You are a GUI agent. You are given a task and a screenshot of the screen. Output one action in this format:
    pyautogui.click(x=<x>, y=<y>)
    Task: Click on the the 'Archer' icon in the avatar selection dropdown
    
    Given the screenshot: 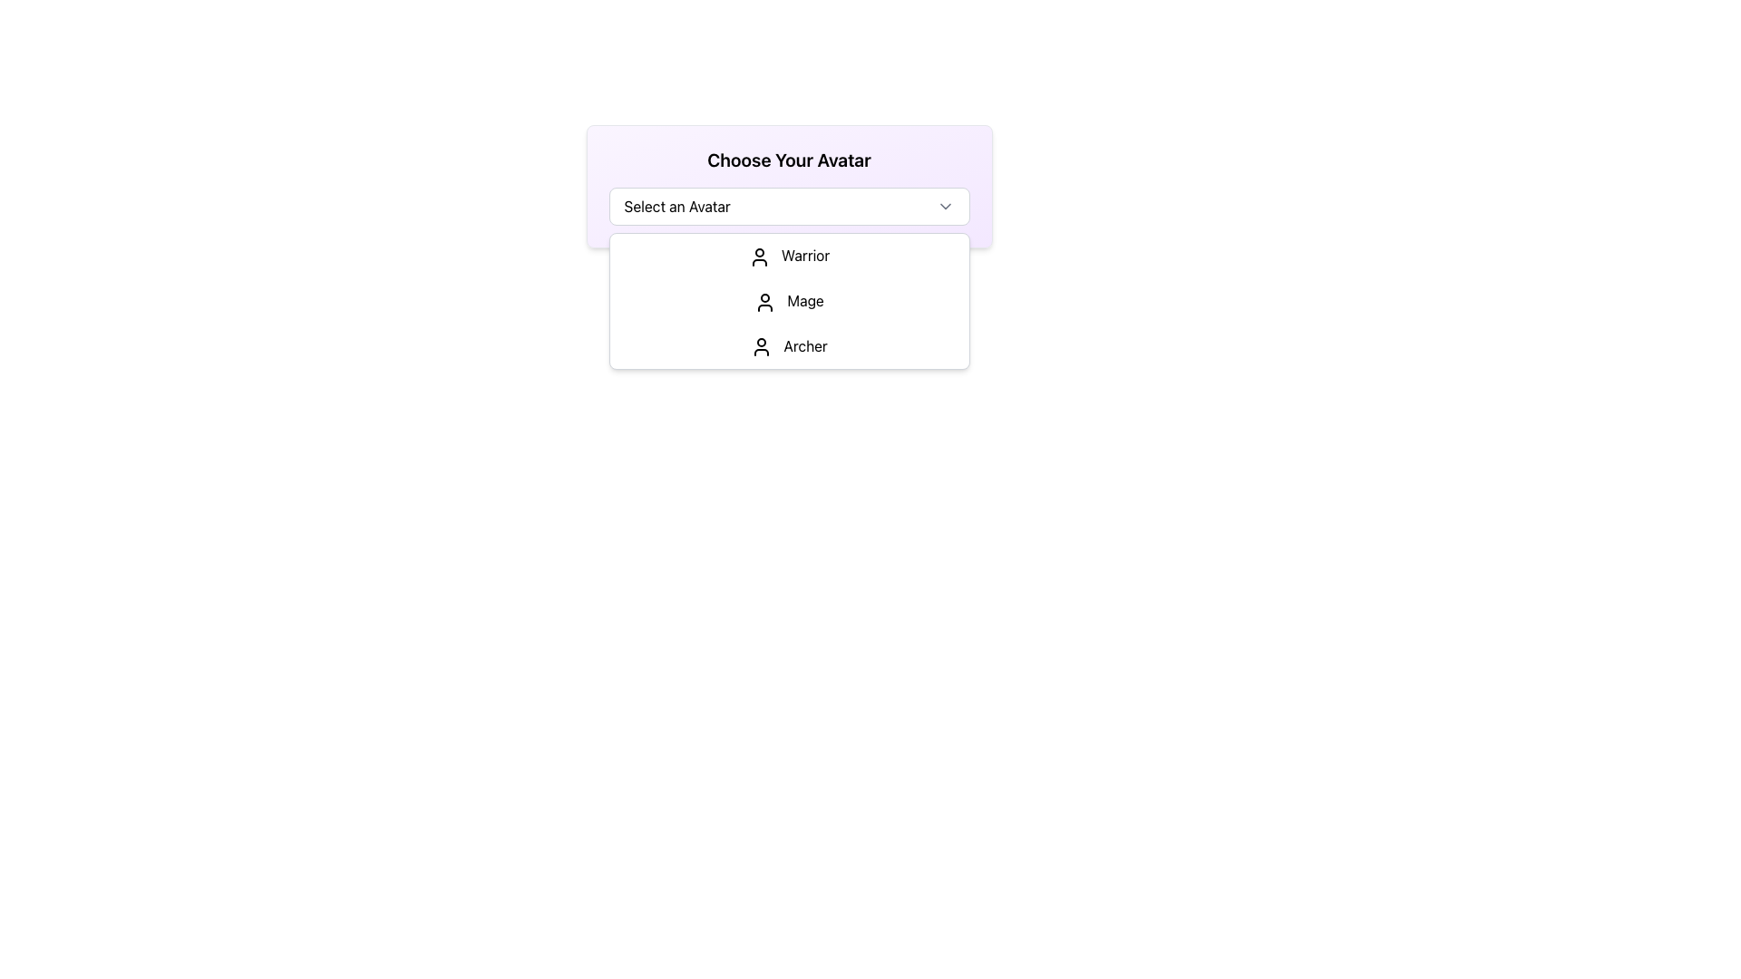 What is the action you would take?
    pyautogui.click(x=762, y=347)
    